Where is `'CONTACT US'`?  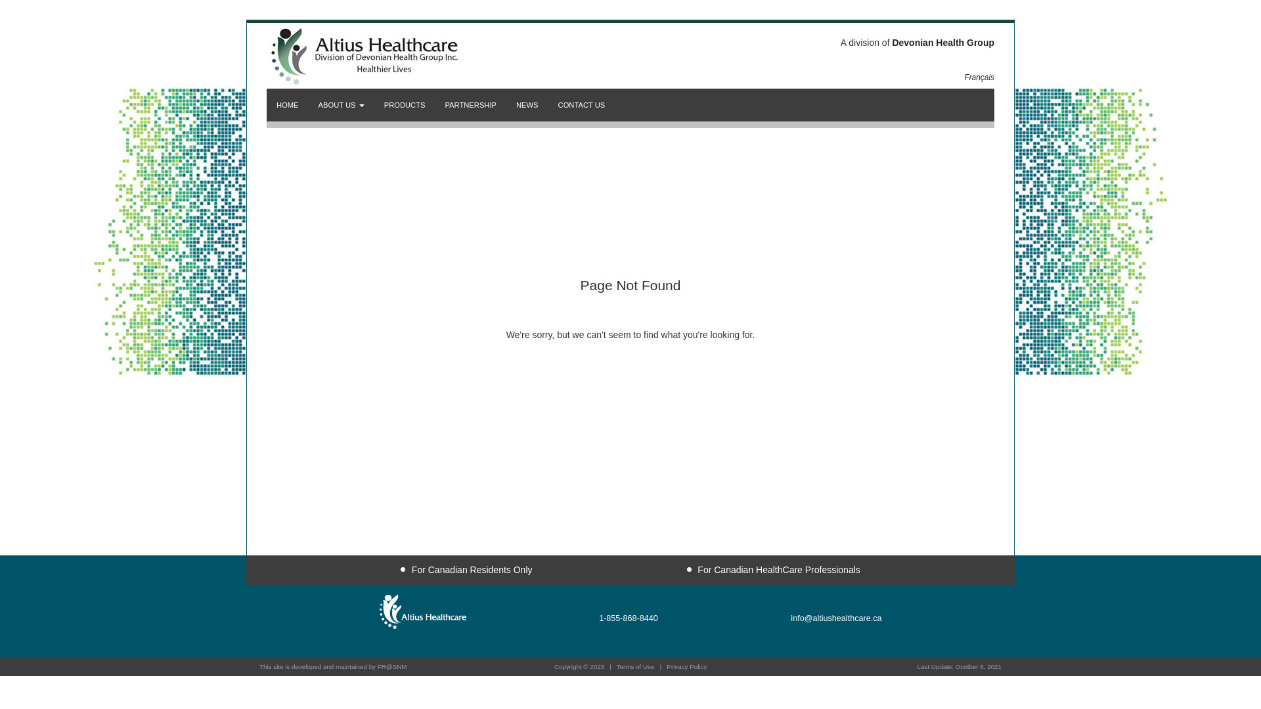 'CONTACT US' is located at coordinates (581, 104).